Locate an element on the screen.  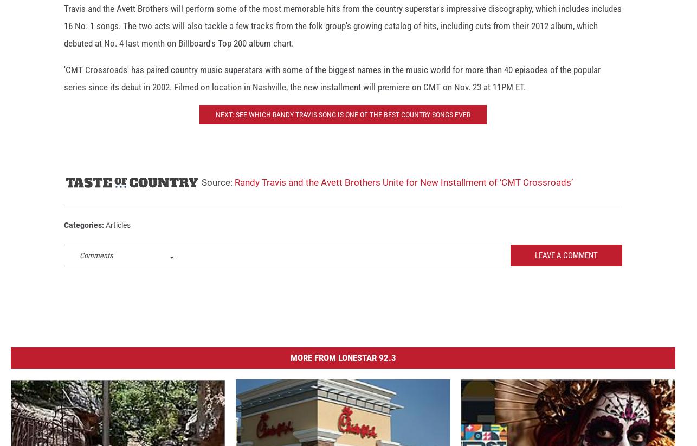
''CMT Crossroads' has paired country music superstars with some of the biggest names in the music world for more than 40 episodes of the popular series since its debut in 2002. Filmed on location in Nashville, the new installment will premiere on CMT on Nov. 23 at 11PM ET.' is located at coordinates (332, 87).